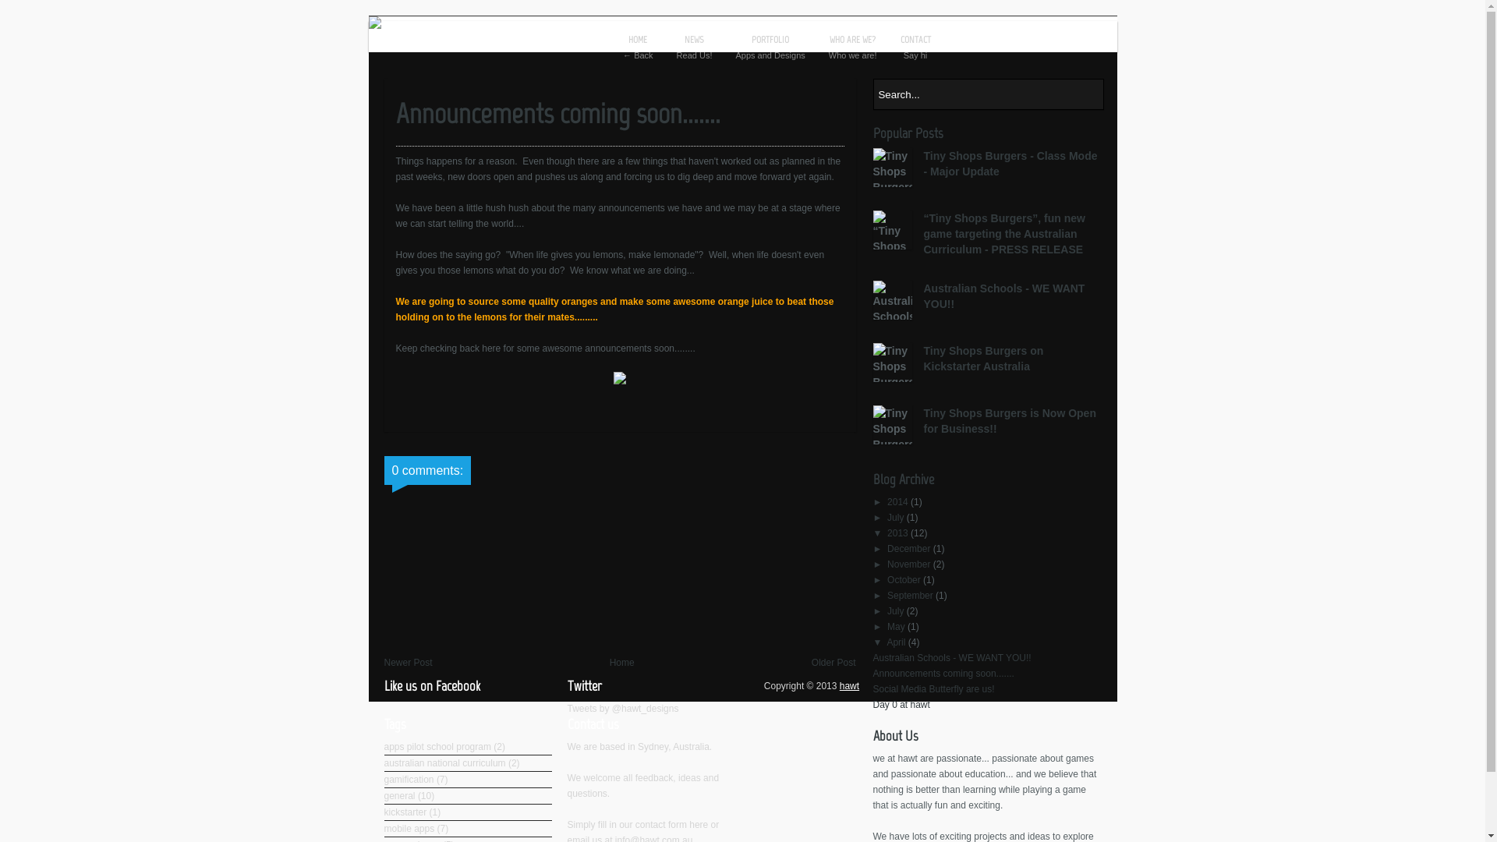 The image size is (1497, 842). What do you see at coordinates (982, 358) in the screenshot?
I see `'Tiny Shops Burgers on Kickstarter Australia'` at bounding box center [982, 358].